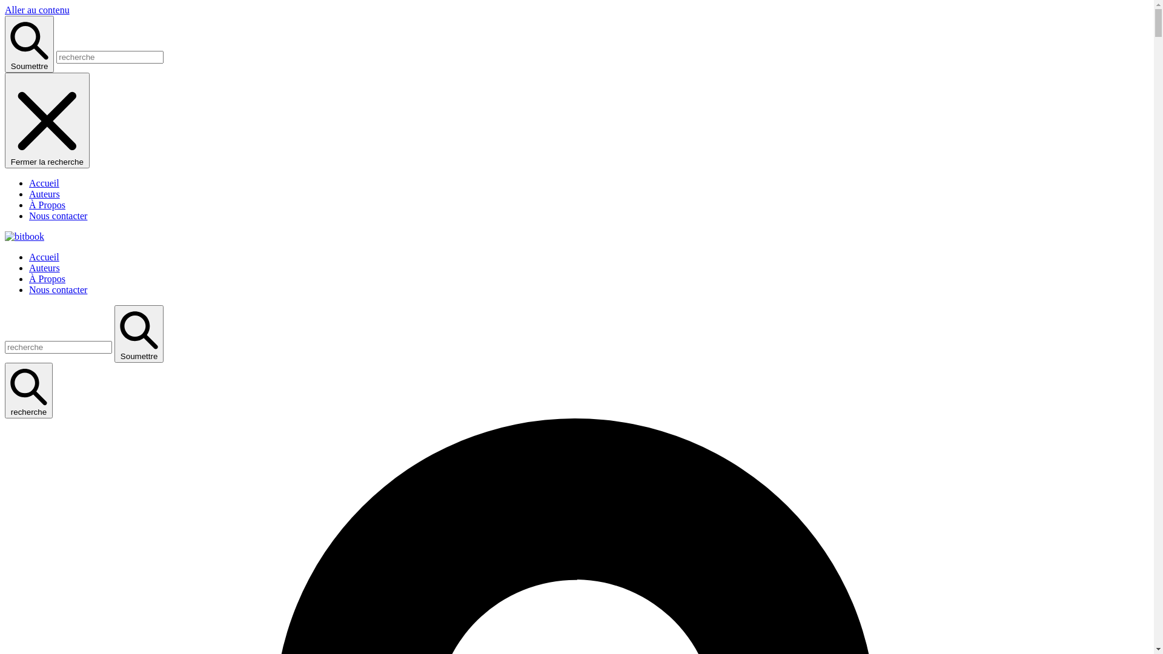 Image resolution: width=1163 pixels, height=654 pixels. What do you see at coordinates (29, 215) in the screenshot?
I see `'Nous contacter'` at bounding box center [29, 215].